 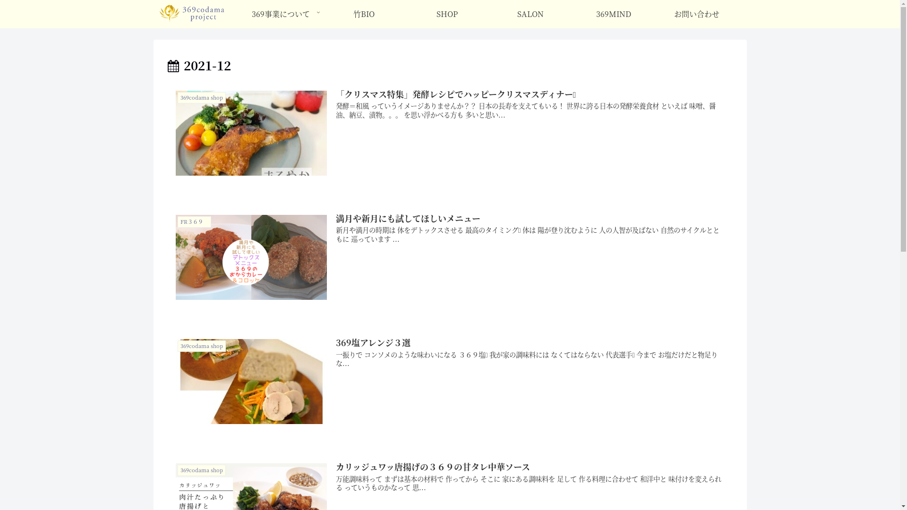 I want to click on 'SHOP', so click(x=446, y=14).